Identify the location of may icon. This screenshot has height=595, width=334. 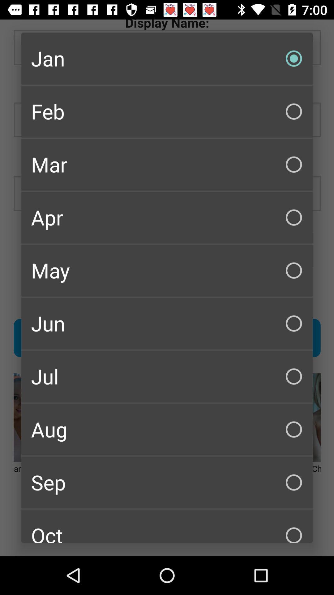
(167, 271).